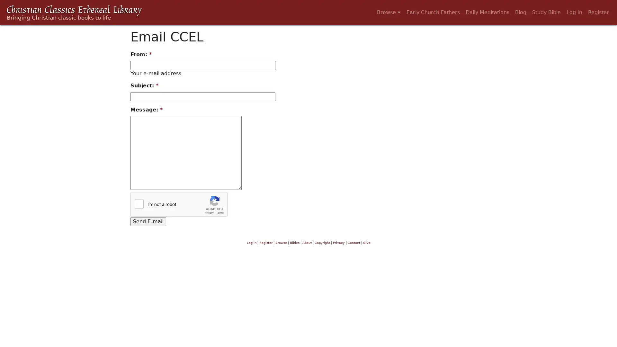  Describe the element at coordinates (574, 12) in the screenshot. I see `Log In` at that location.